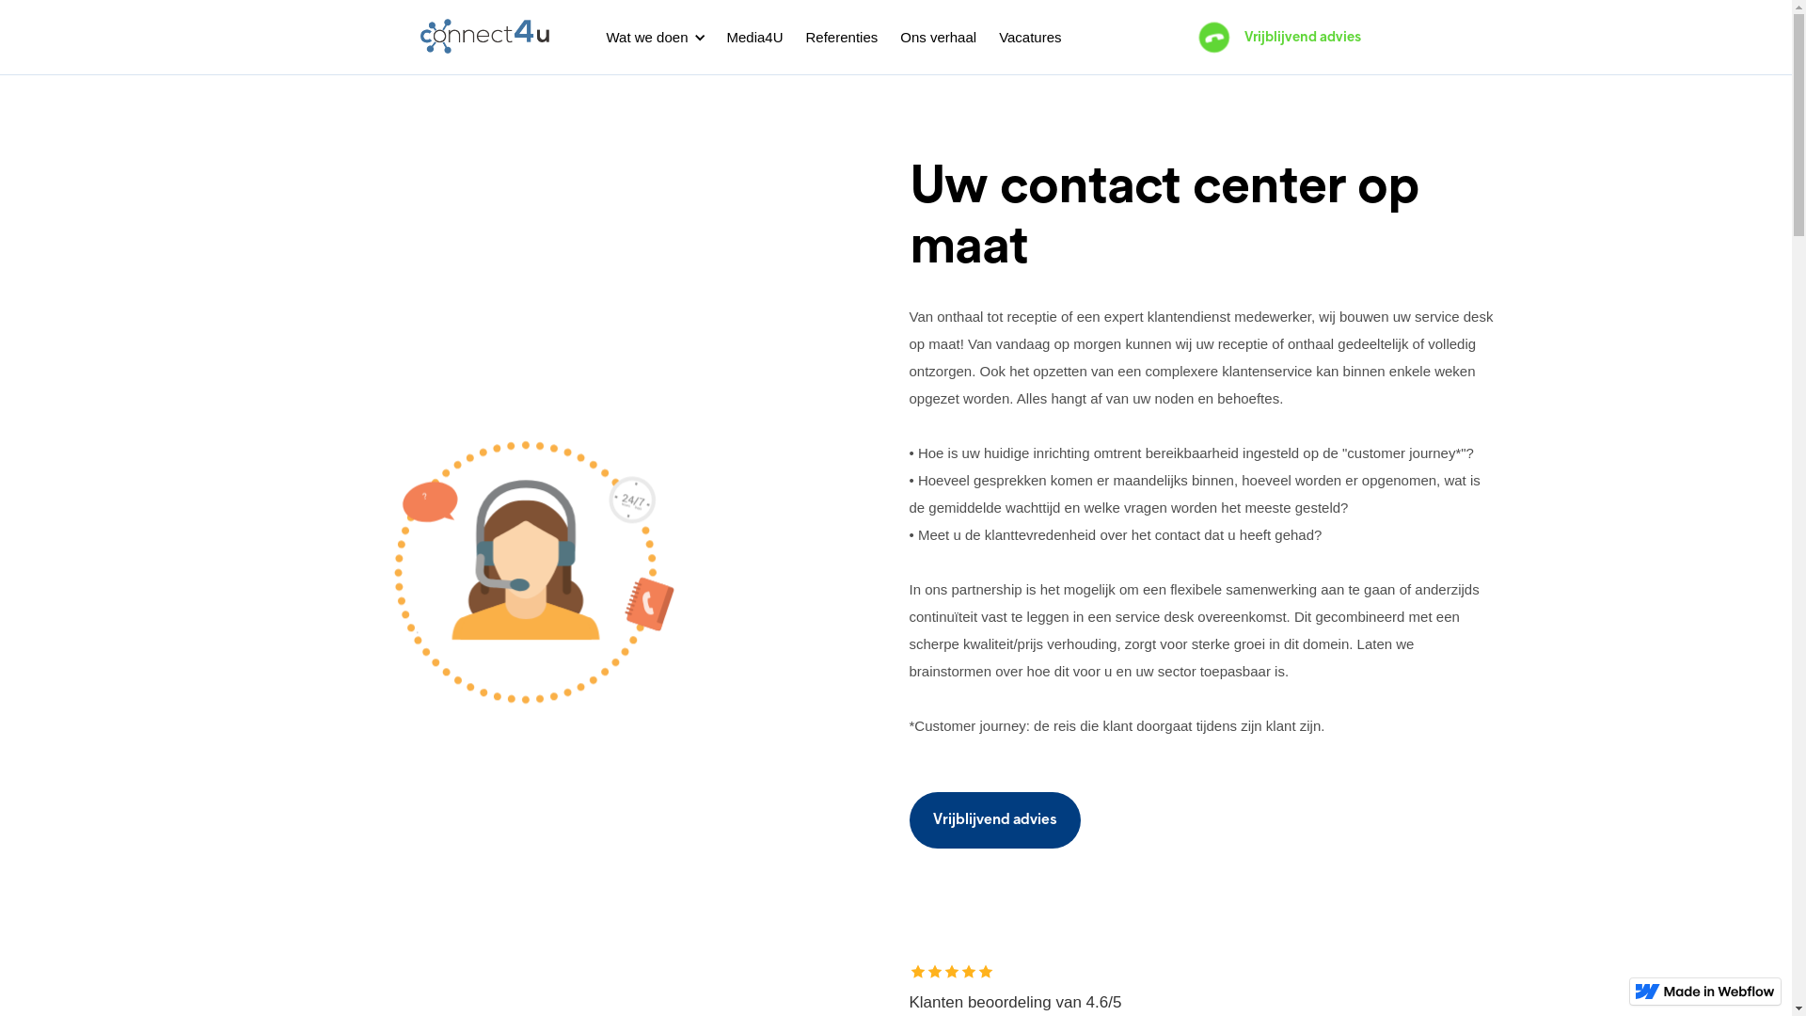 This screenshot has height=1016, width=1806. Describe the element at coordinates (753, 37) in the screenshot. I see `'Media4U'` at that location.